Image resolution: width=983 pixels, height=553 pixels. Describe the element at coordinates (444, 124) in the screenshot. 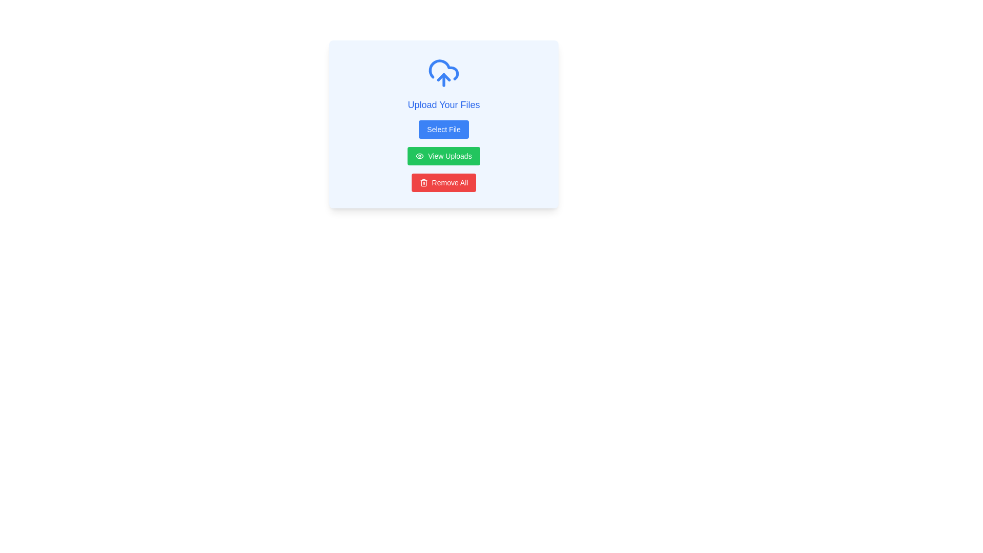

I see `the rectangular button with a blue background and white text that reads 'Select File'` at that location.